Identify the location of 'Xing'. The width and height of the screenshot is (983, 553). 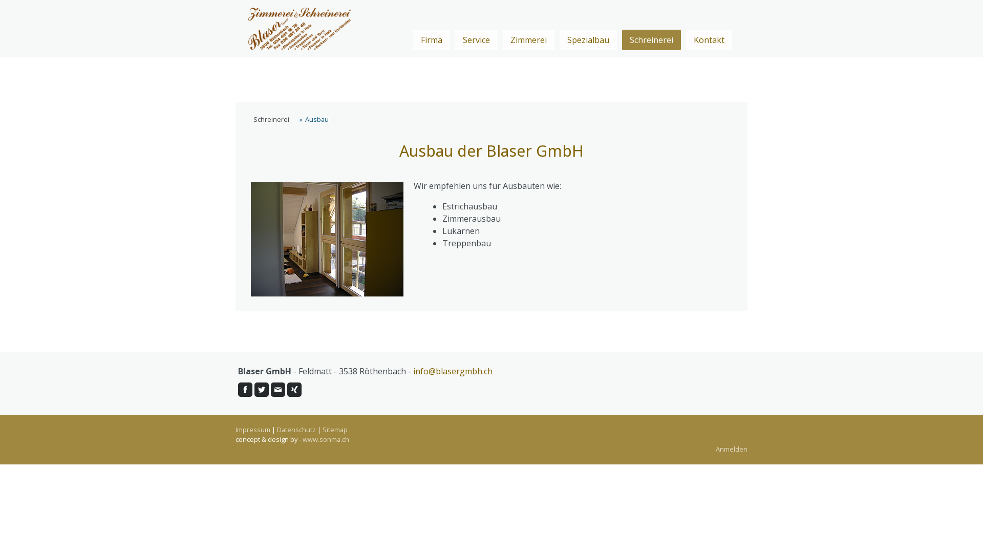
(294, 389).